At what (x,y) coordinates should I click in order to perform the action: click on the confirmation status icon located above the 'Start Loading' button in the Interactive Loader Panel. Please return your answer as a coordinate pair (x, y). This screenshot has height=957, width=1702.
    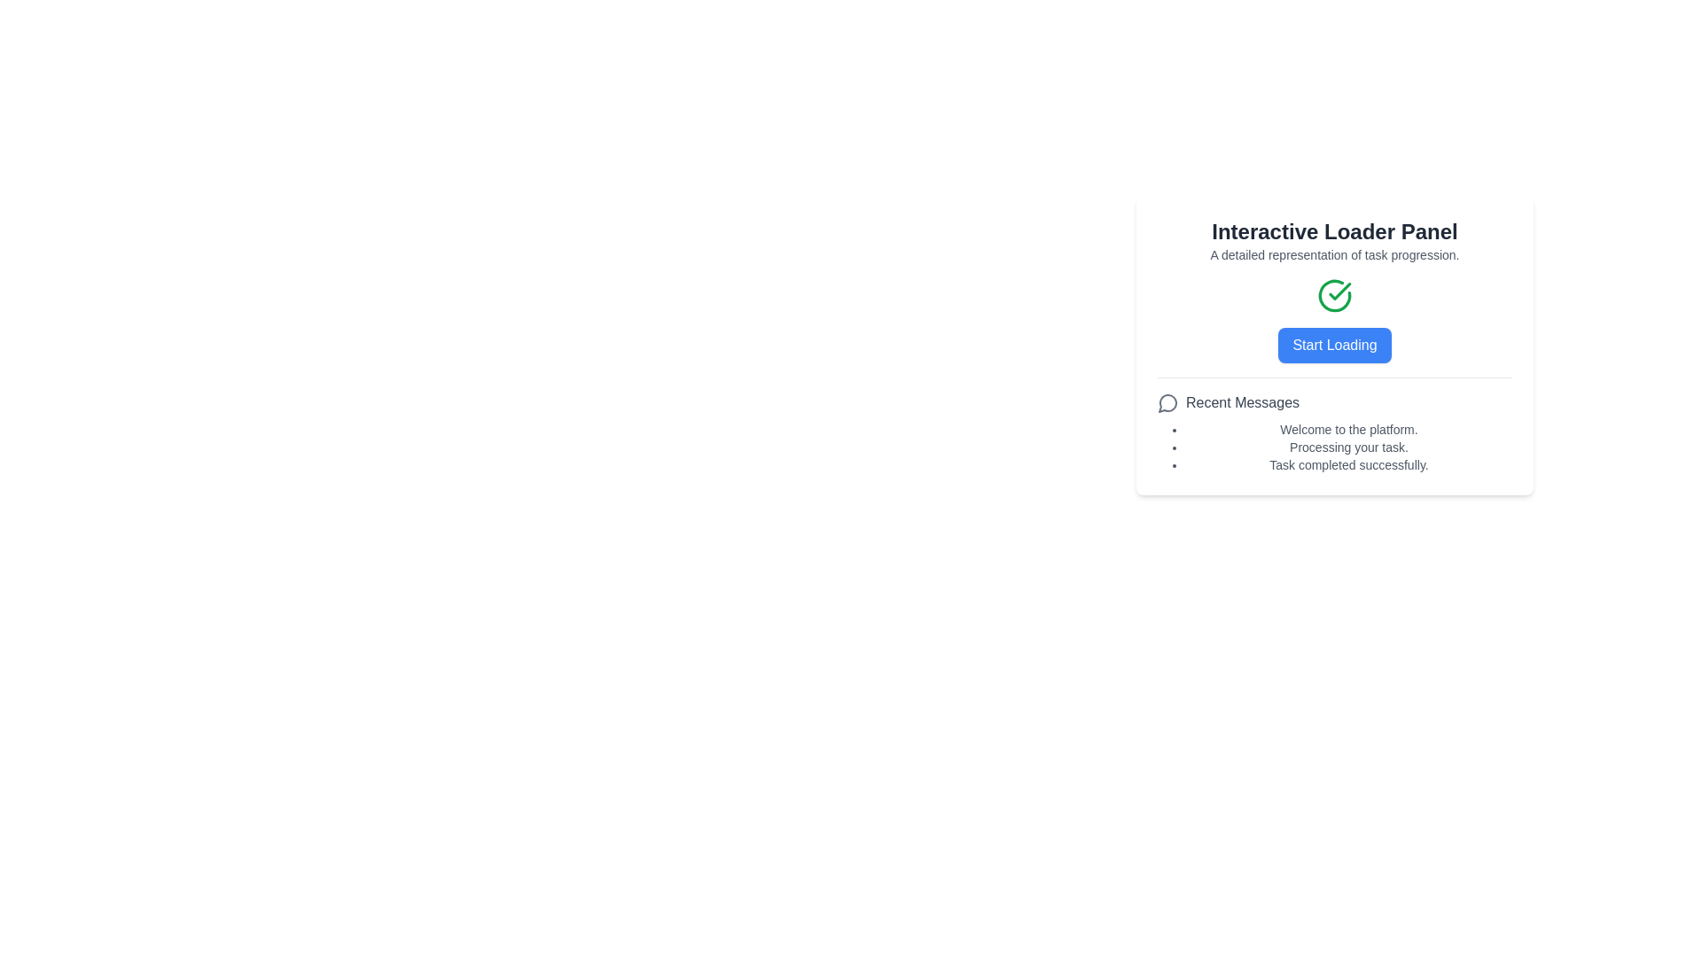
    Looking at the image, I should click on (1335, 295).